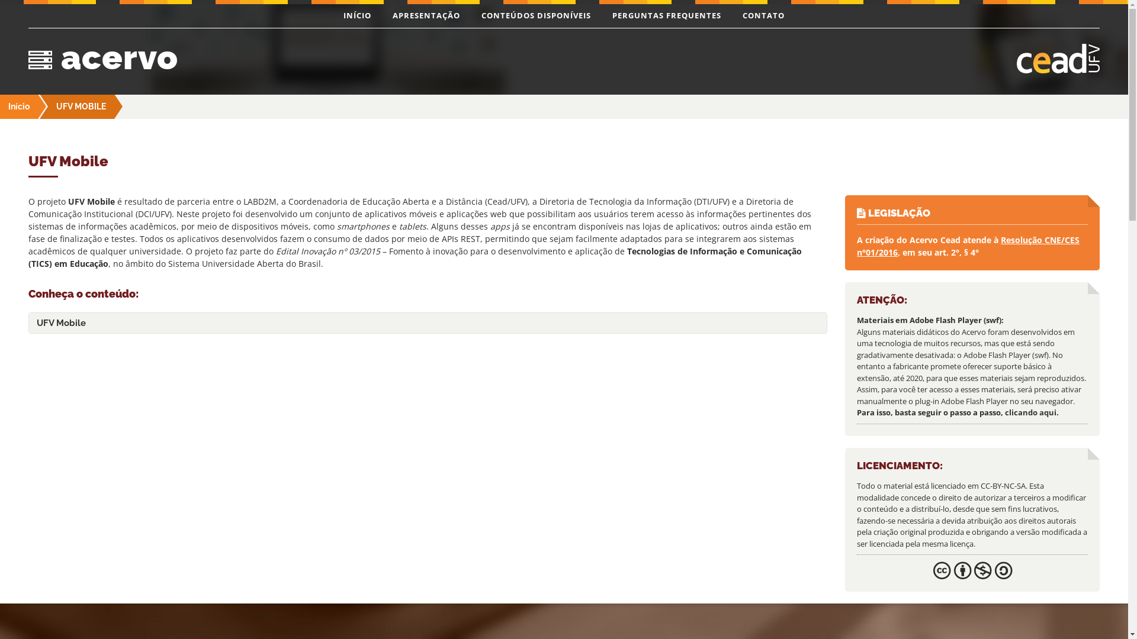 This screenshot has height=639, width=1137. Describe the element at coordinates (763, 16) in the screenshot. I see `'CONTATO'` at that location.